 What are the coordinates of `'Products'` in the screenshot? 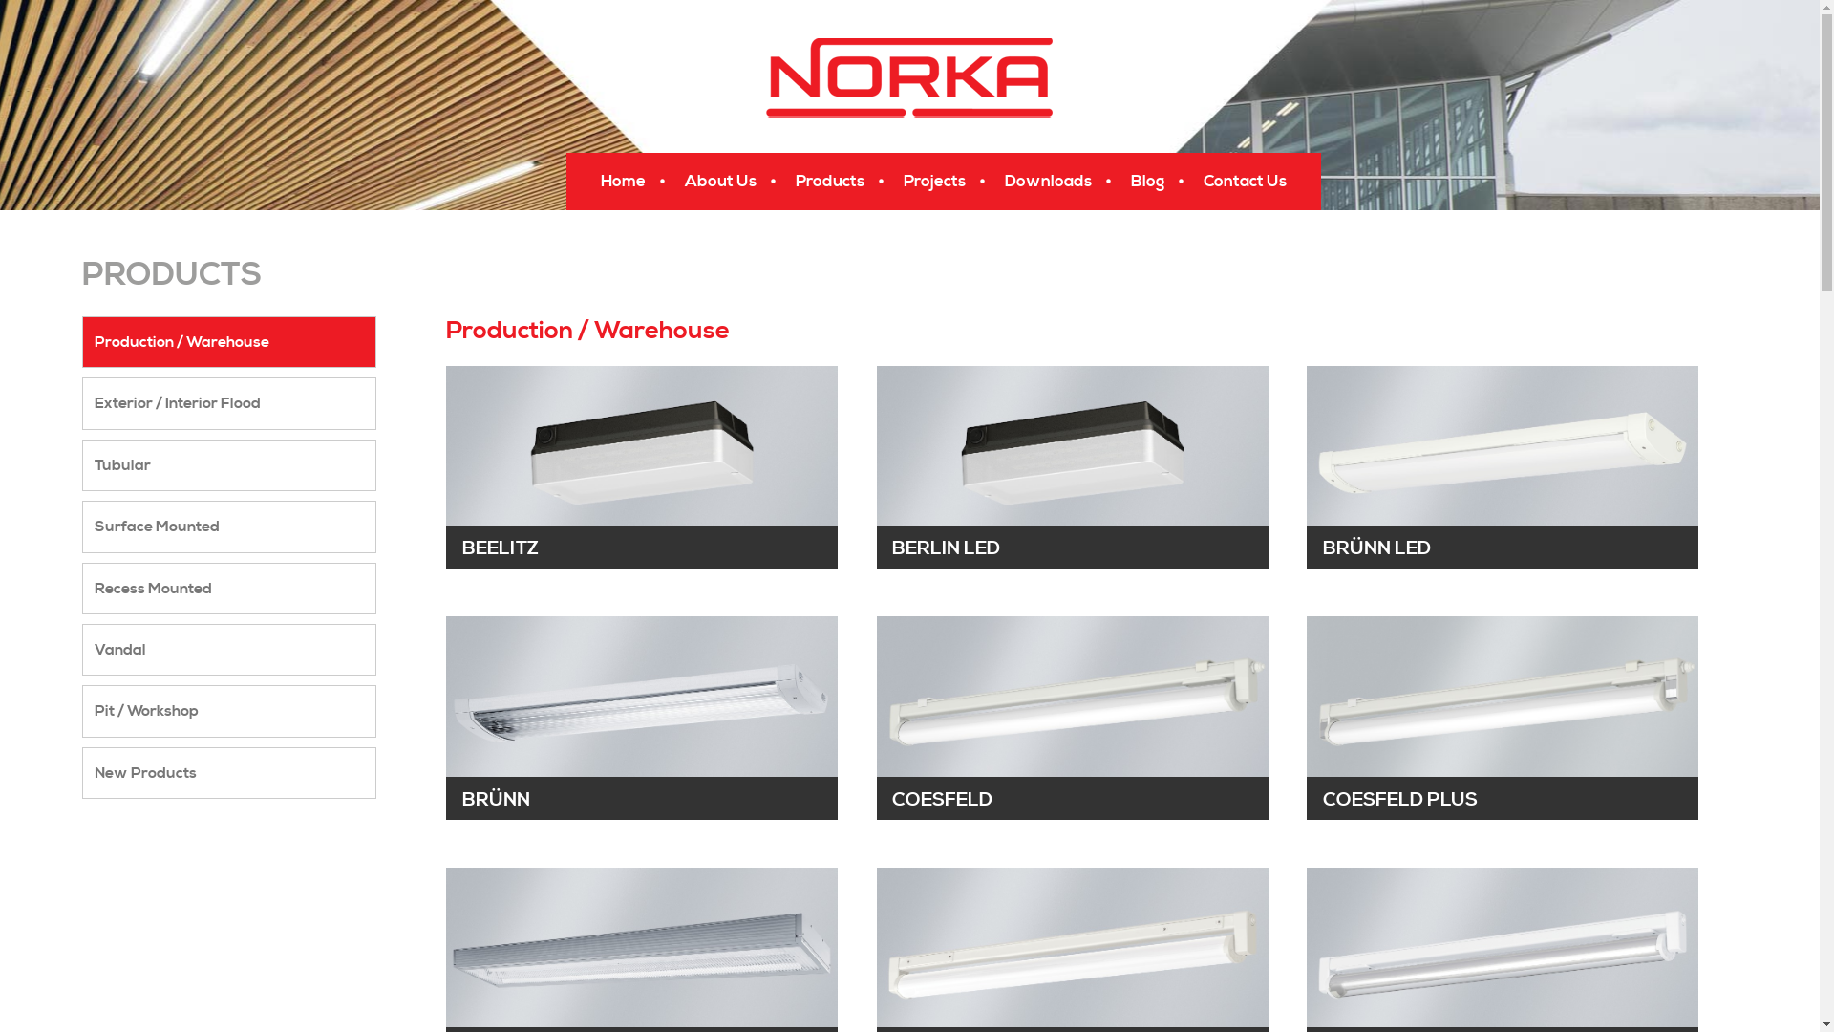 It's located at (831, 181).